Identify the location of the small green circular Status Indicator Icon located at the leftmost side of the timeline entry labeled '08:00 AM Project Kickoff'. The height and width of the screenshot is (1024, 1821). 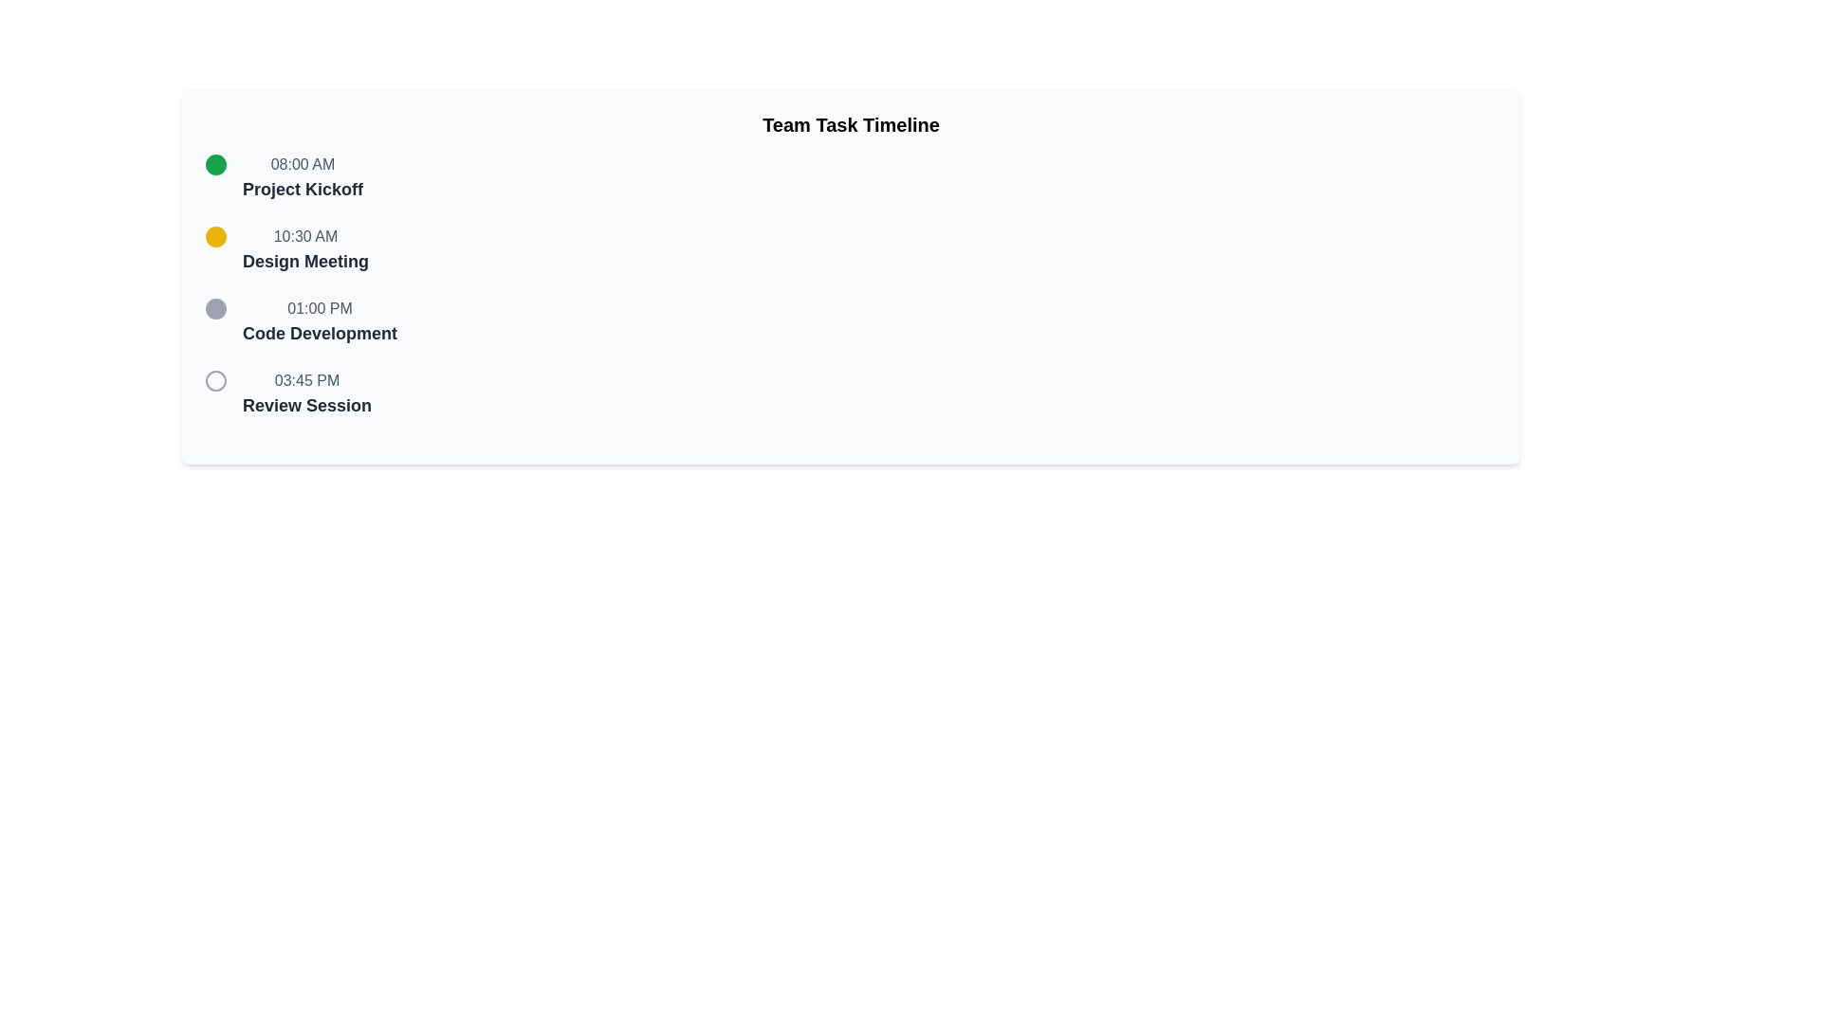
(215, 166).